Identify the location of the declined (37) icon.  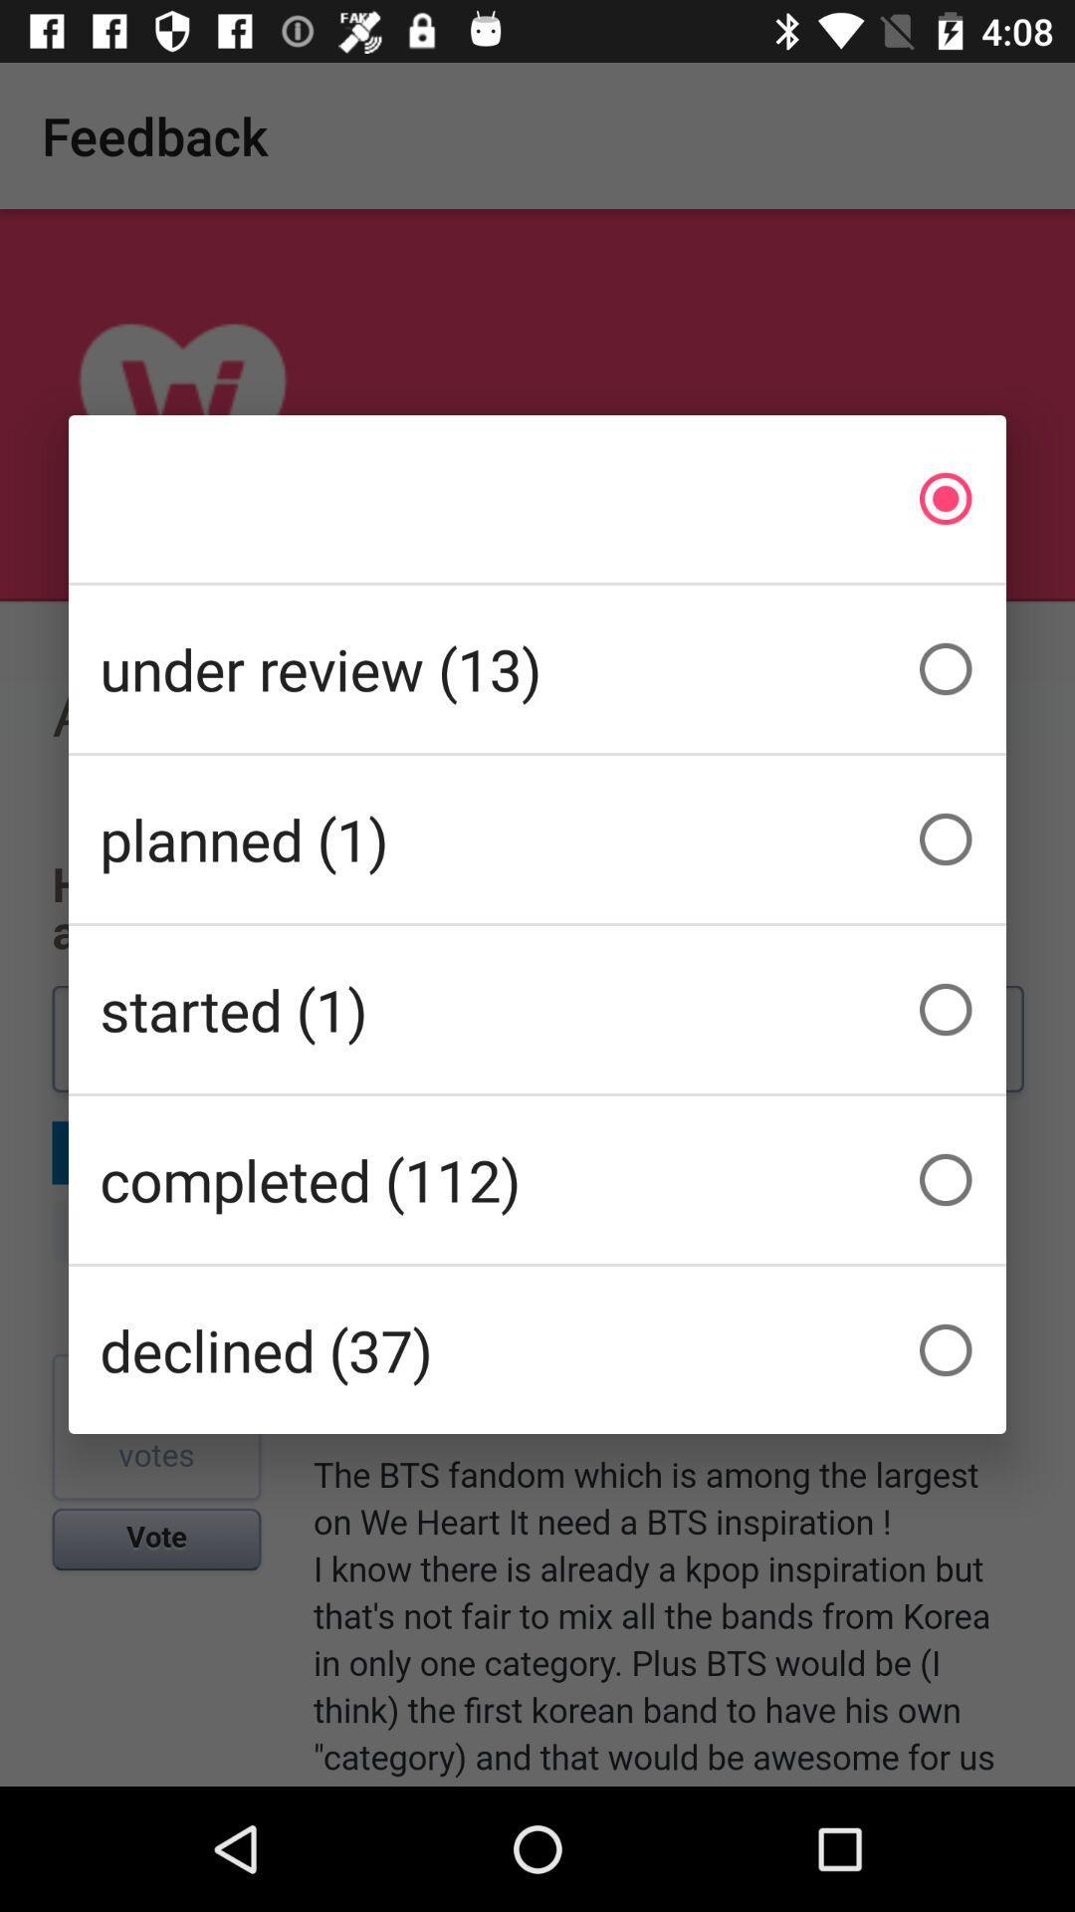
(537, 1350).